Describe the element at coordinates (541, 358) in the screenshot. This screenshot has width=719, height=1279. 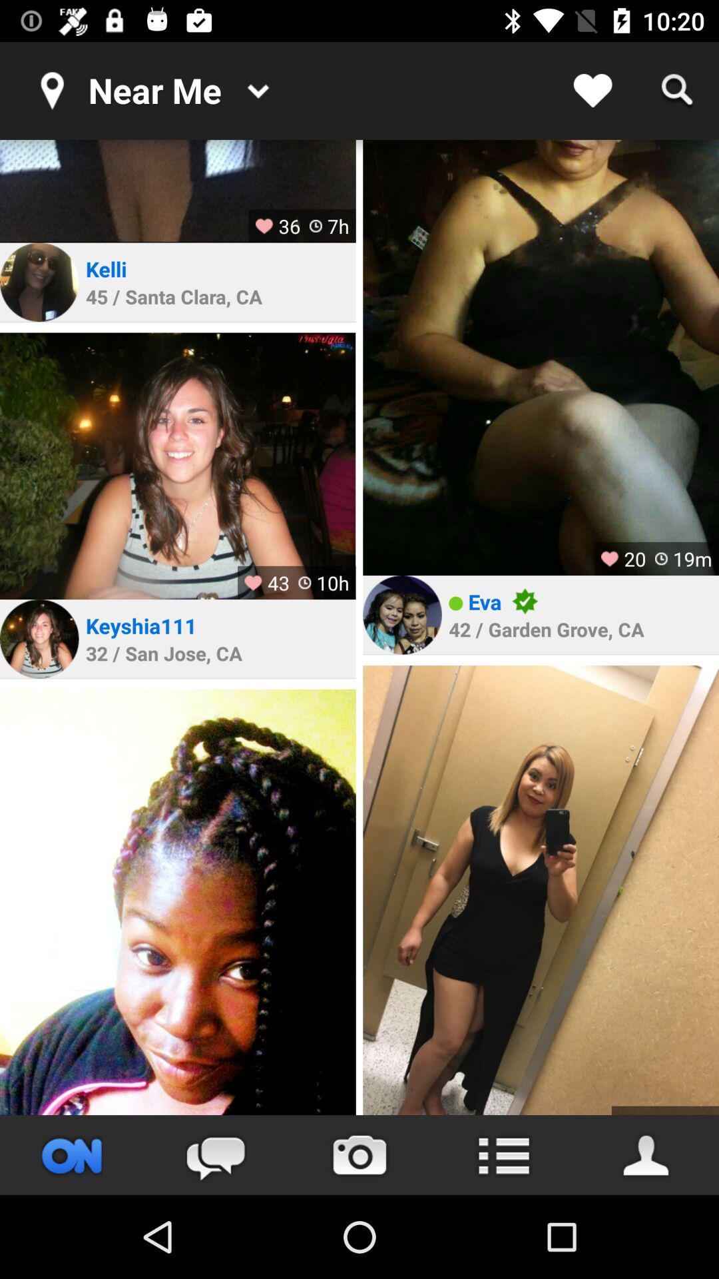
I see `zoom into picture` at that location.